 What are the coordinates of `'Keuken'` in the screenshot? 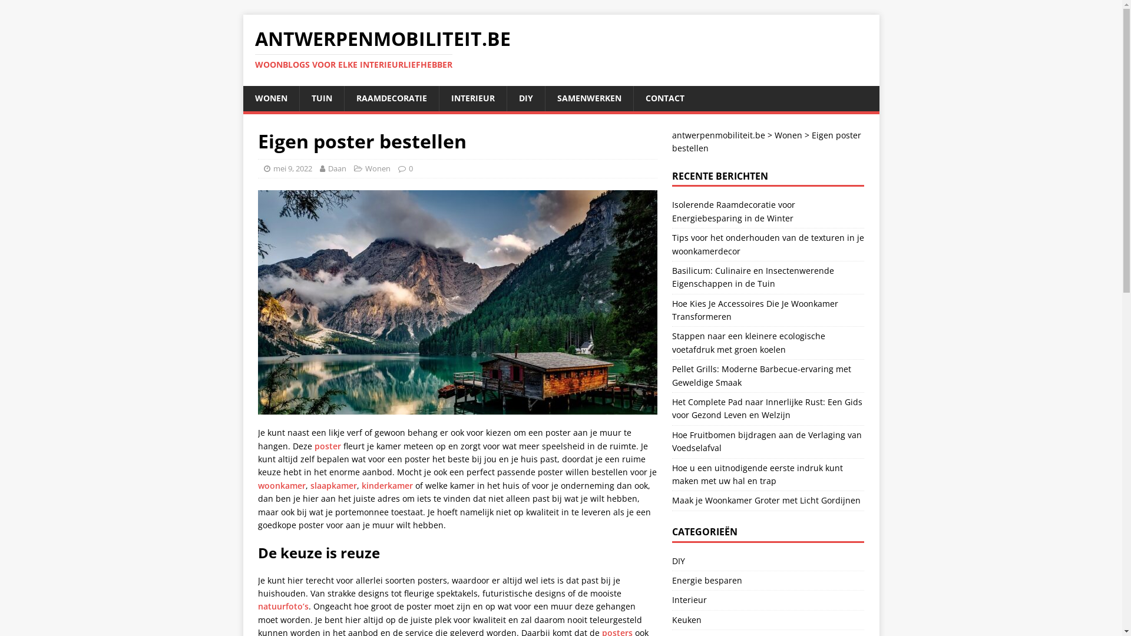 It's located at (672, 620).